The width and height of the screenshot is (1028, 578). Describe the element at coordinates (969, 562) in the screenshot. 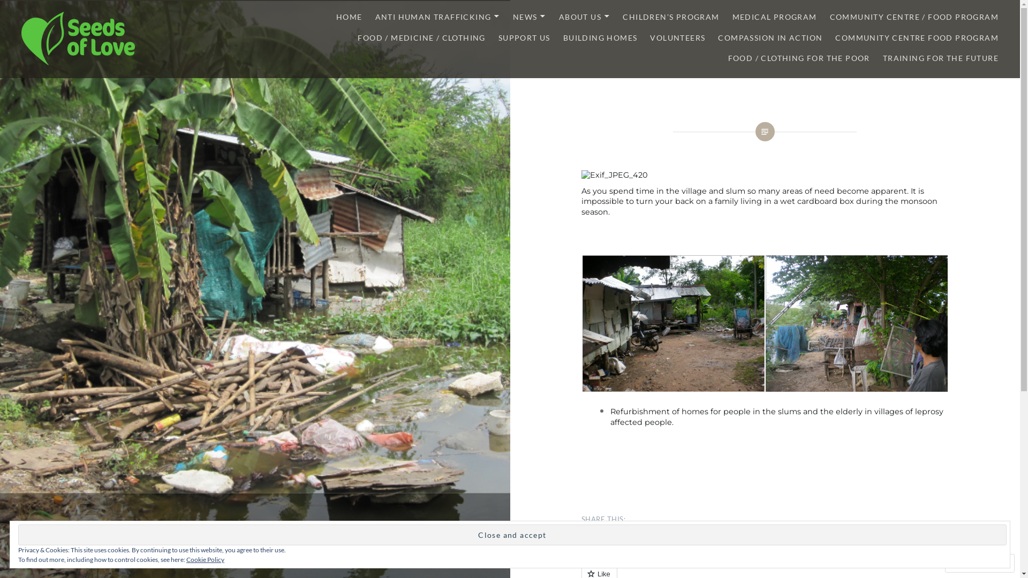

I see `'Follow'` at that location.